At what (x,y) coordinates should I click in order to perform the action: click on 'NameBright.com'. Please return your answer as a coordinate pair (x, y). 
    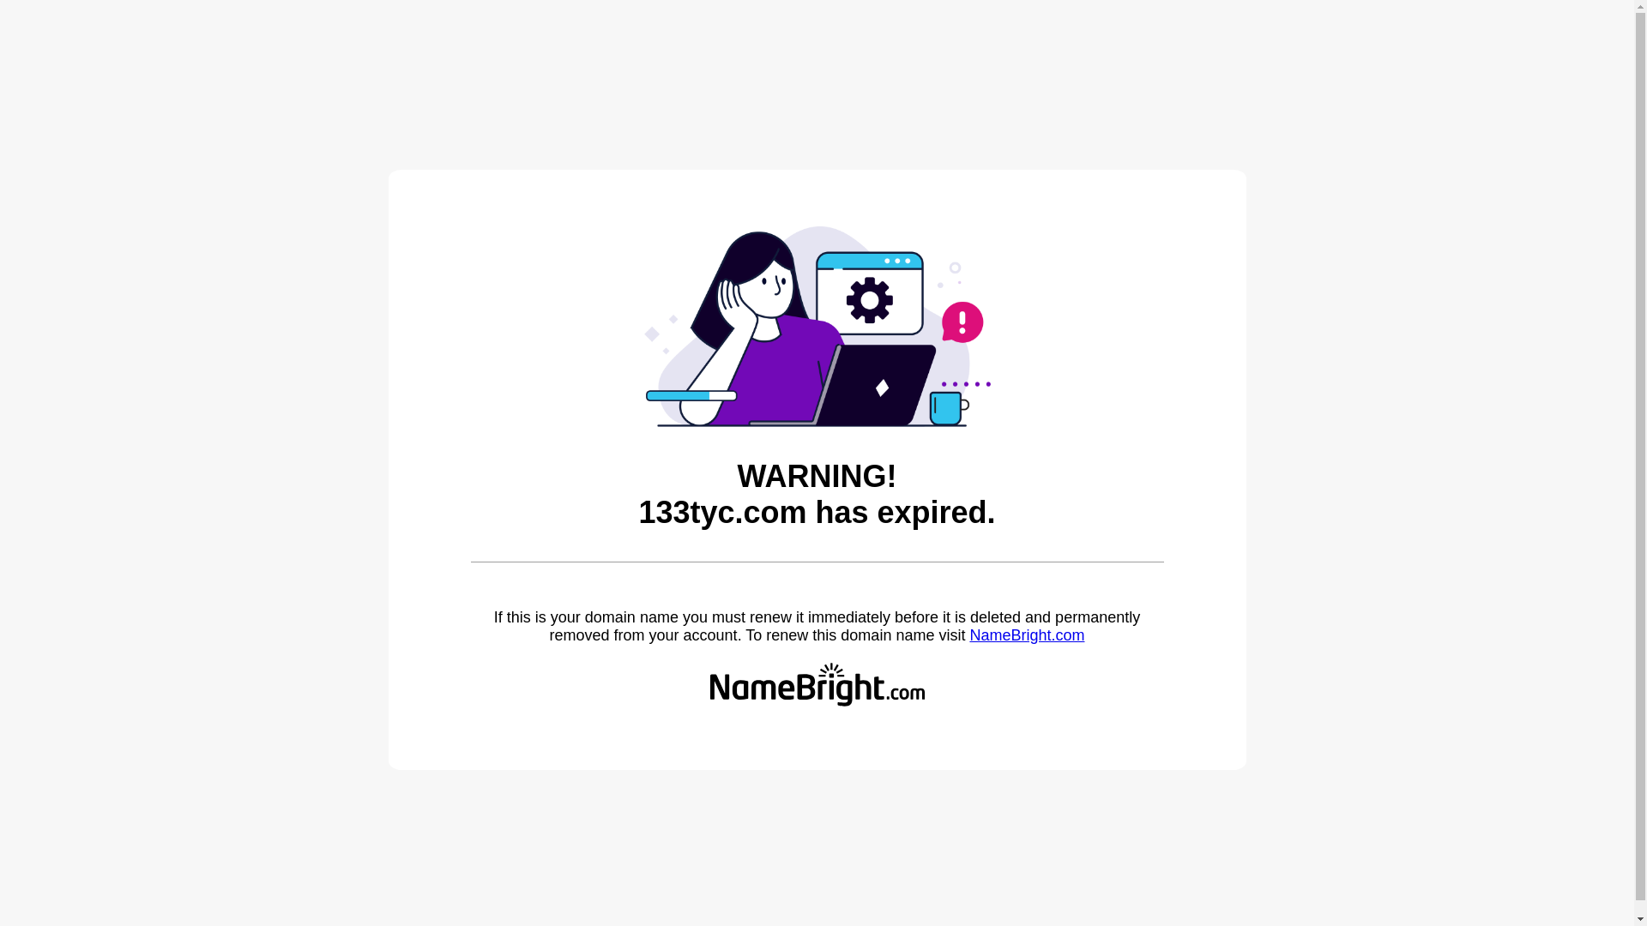
    Looking at the image, I should click on (968, 634).